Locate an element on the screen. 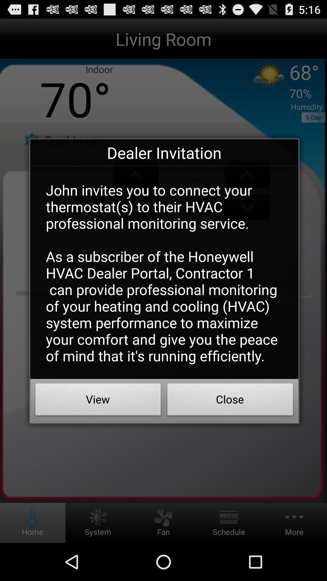  close at the bottom right corner is located at coordinates (230, 401).